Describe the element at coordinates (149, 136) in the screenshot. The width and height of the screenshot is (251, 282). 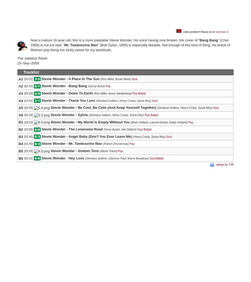
I see `'(Henry Cosby, Sylvia Moy)'` at that location.